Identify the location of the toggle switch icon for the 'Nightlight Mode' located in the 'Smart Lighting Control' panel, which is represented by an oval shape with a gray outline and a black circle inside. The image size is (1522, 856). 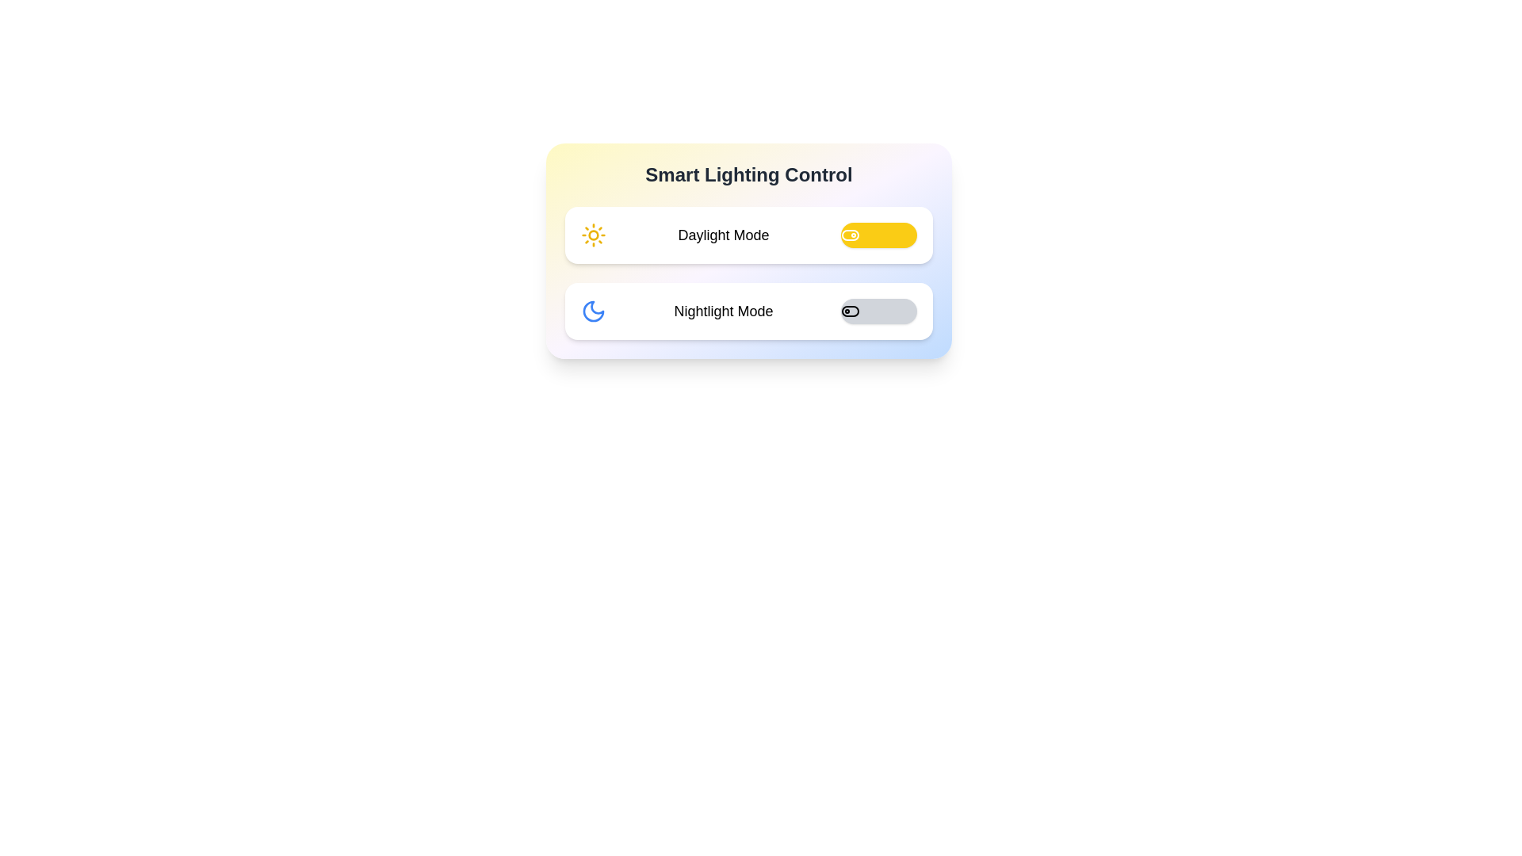
(850, 311).